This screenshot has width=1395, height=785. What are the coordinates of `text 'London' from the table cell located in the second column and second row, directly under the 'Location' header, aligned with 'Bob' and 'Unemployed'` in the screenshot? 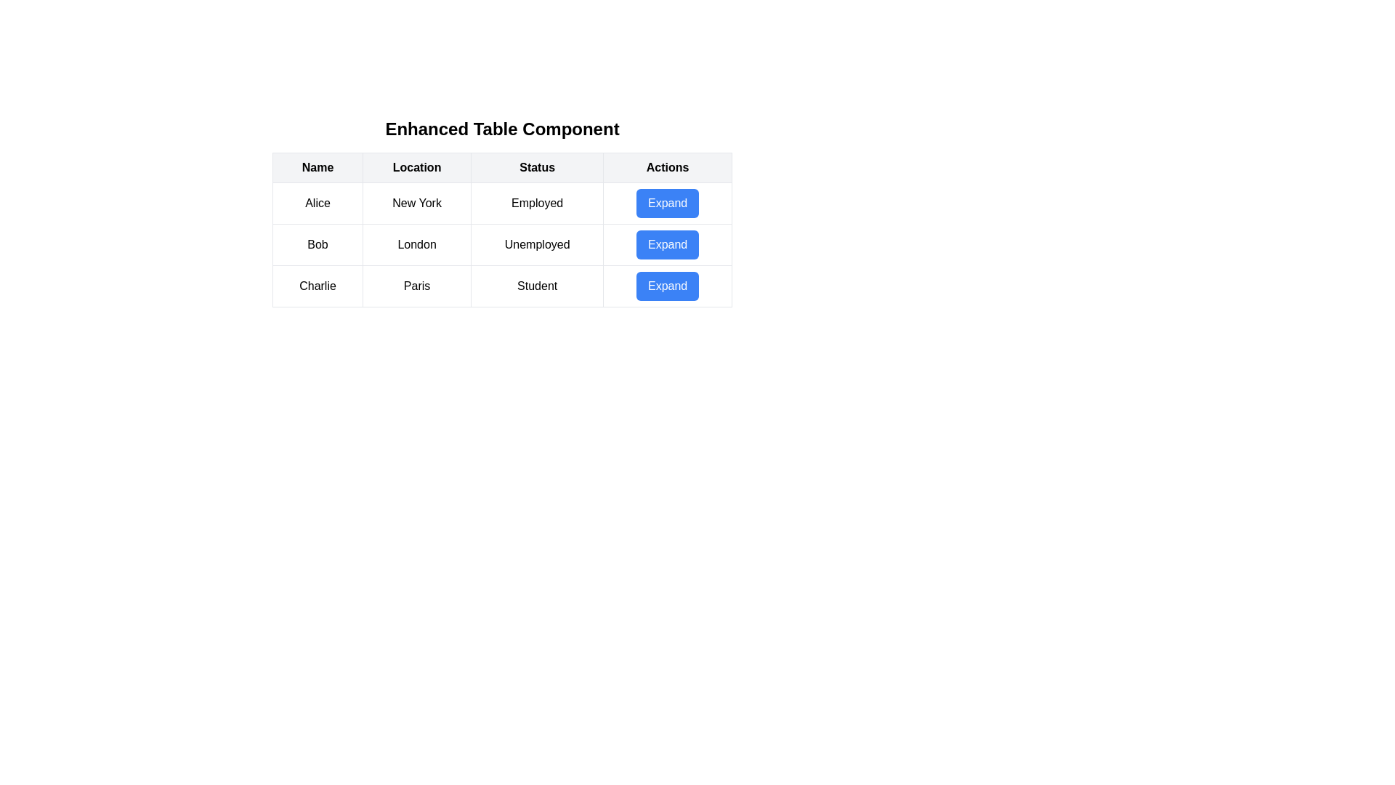 It's located at (416, 243).